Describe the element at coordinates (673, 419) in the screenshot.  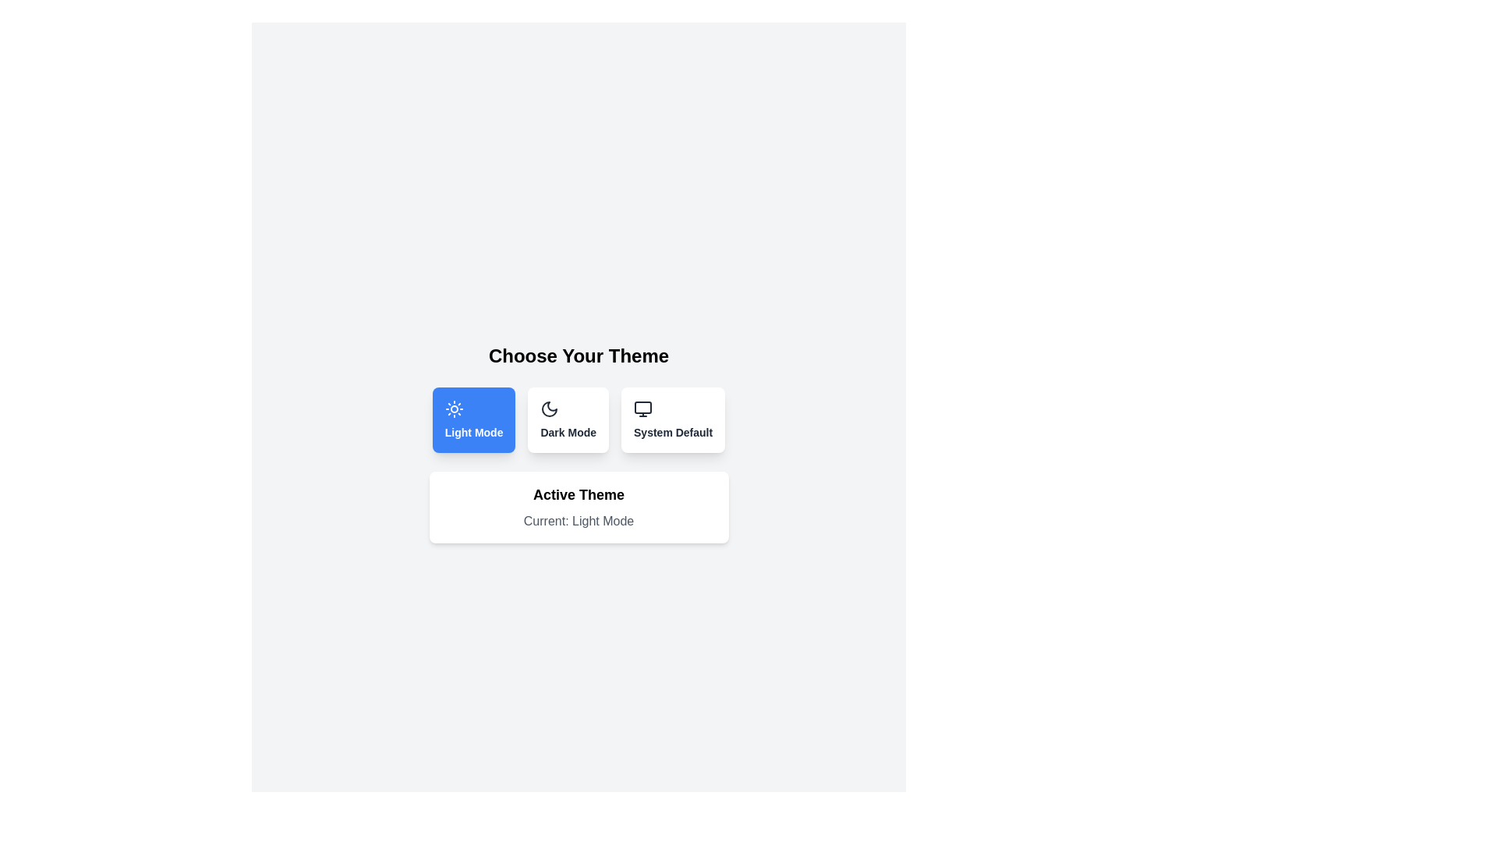
I see `the theme button labeled System Default to see the hover effect` at that location.